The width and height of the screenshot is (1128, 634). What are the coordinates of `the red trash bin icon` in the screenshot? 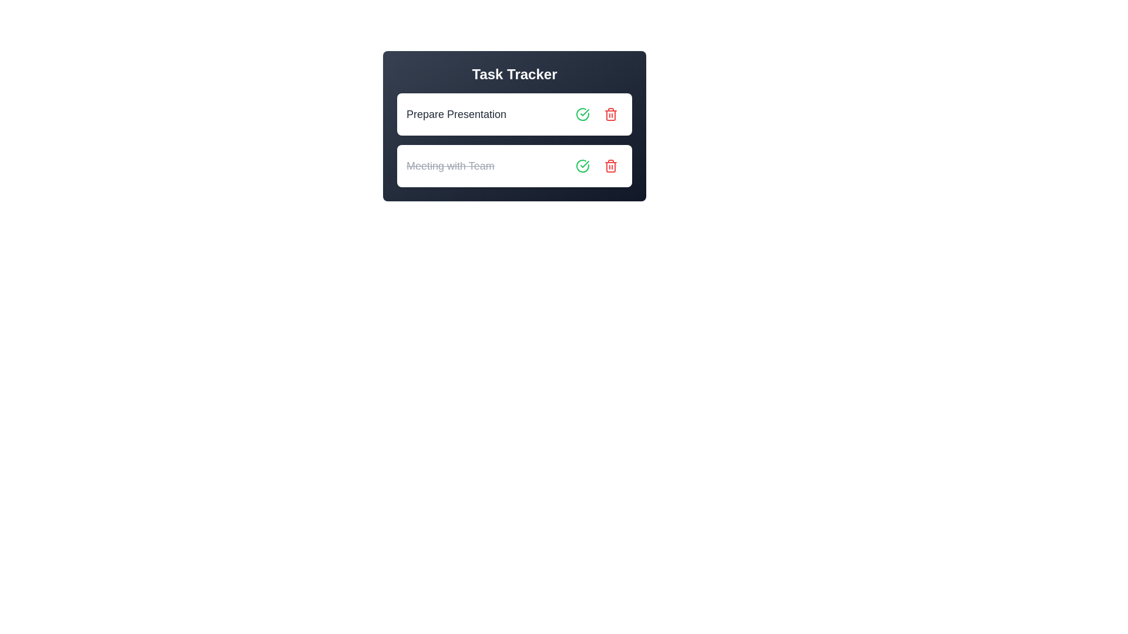 It's located at (611, 115).